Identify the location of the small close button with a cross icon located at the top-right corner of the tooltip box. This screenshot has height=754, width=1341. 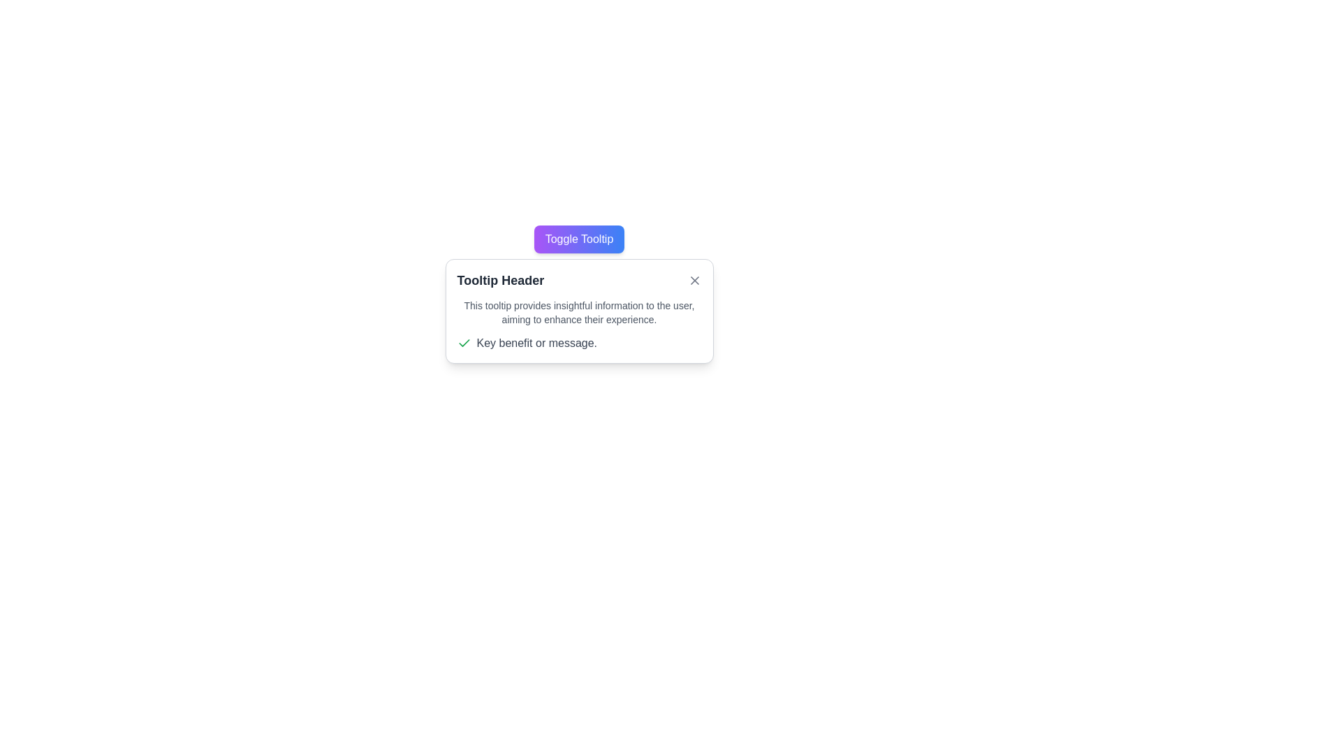
(694, 280).